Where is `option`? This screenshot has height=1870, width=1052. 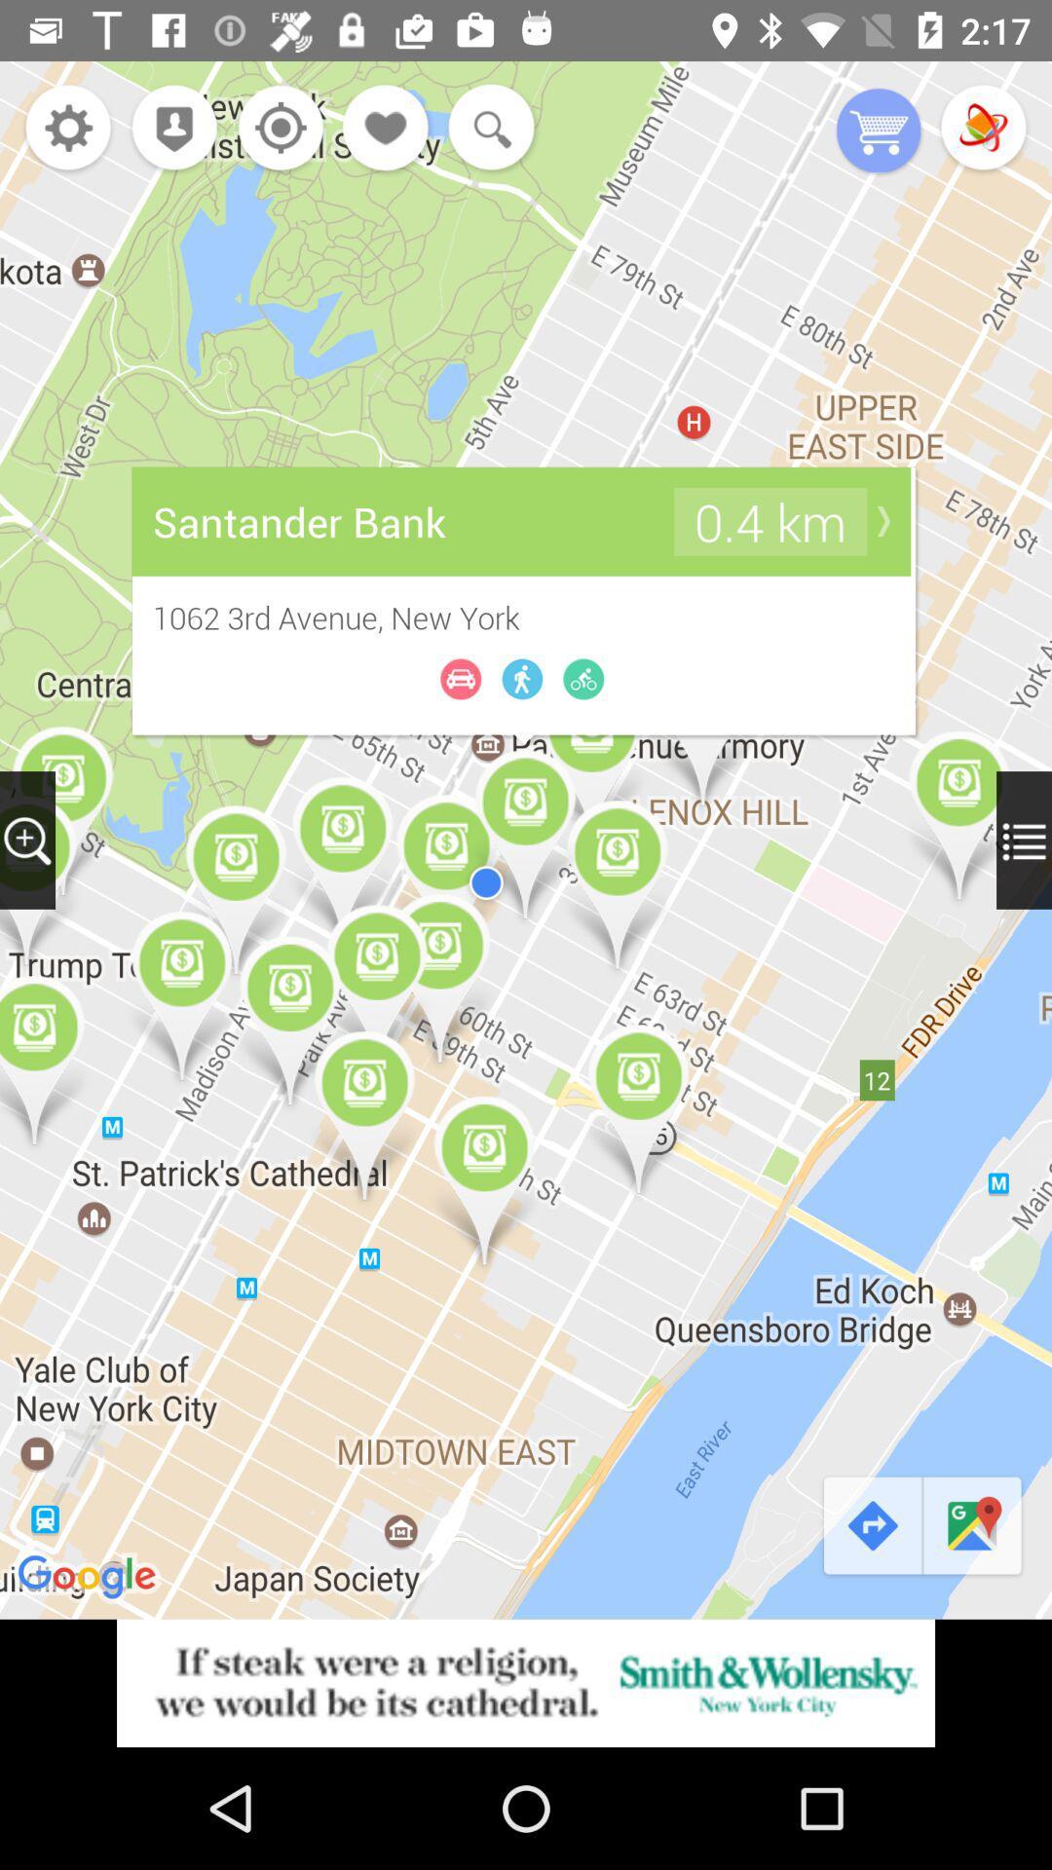 option is located at coordinates (983, 129).